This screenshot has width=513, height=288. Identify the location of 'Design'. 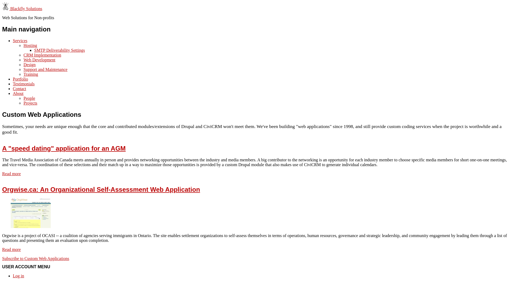
(29, 64).